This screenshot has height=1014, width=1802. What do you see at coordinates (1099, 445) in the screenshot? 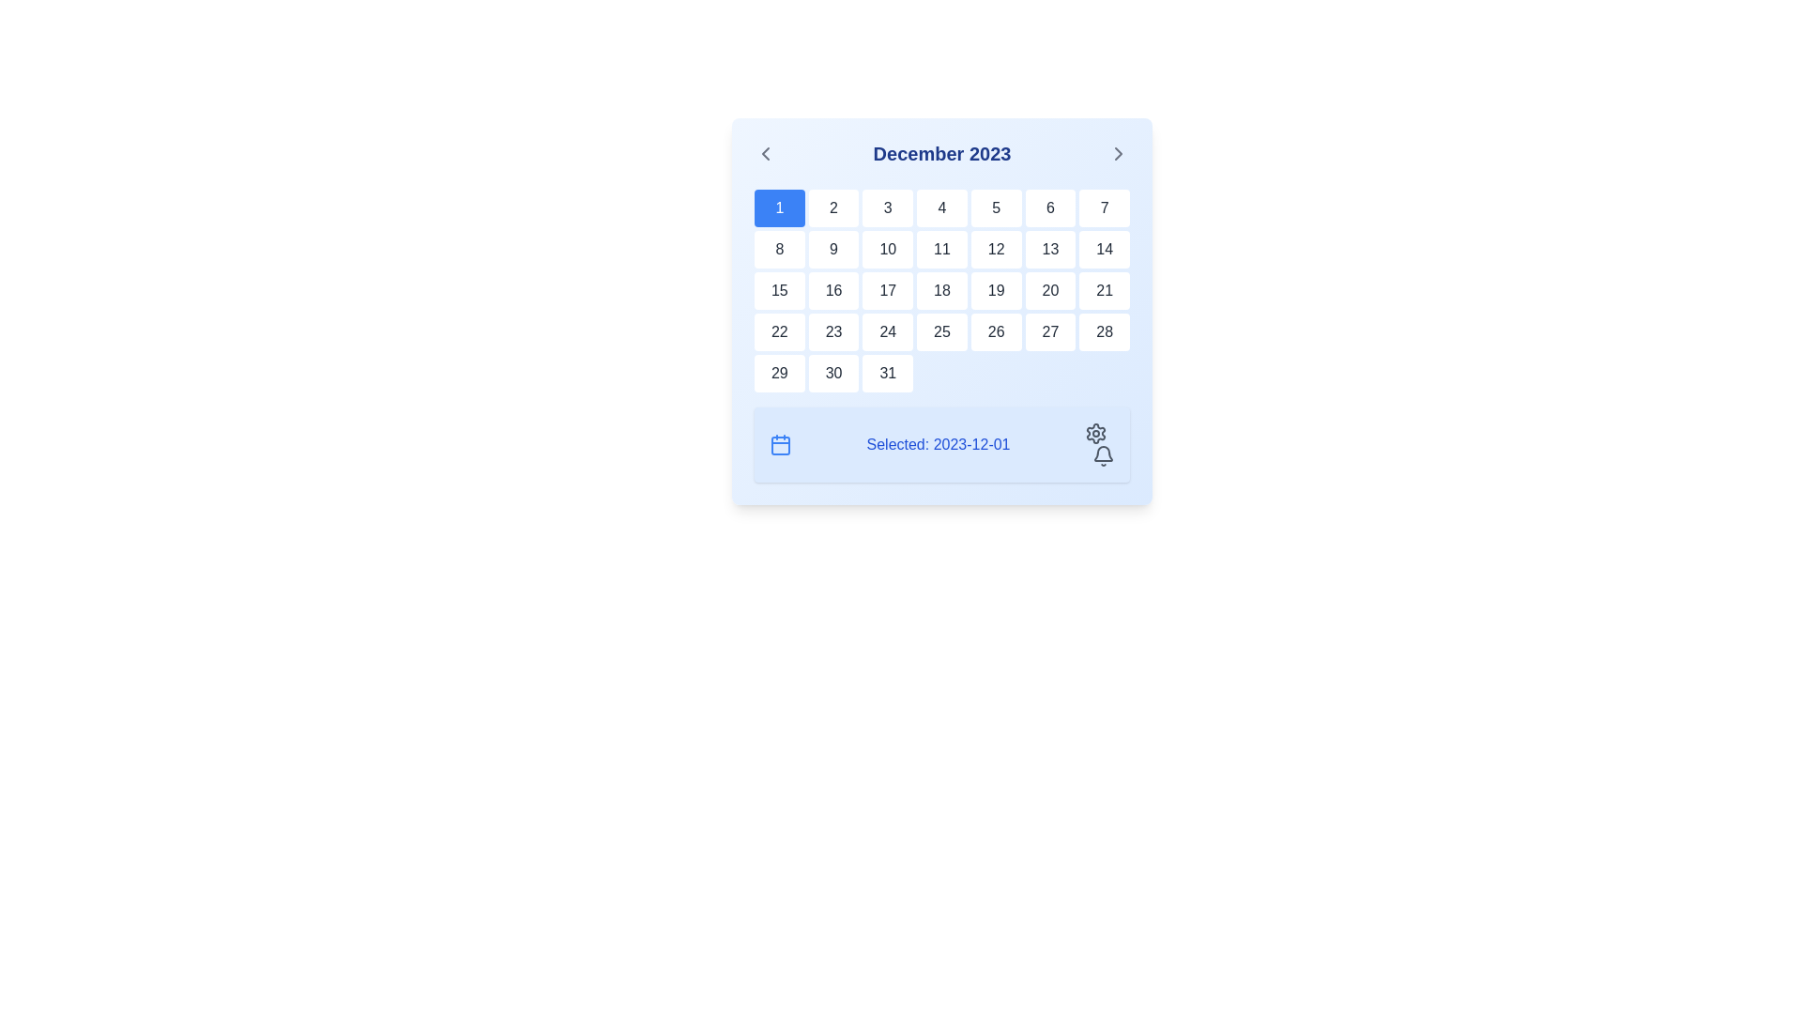
I see `the gear icon in the settings and notifications icon group` at bounding box center [1099, 445].